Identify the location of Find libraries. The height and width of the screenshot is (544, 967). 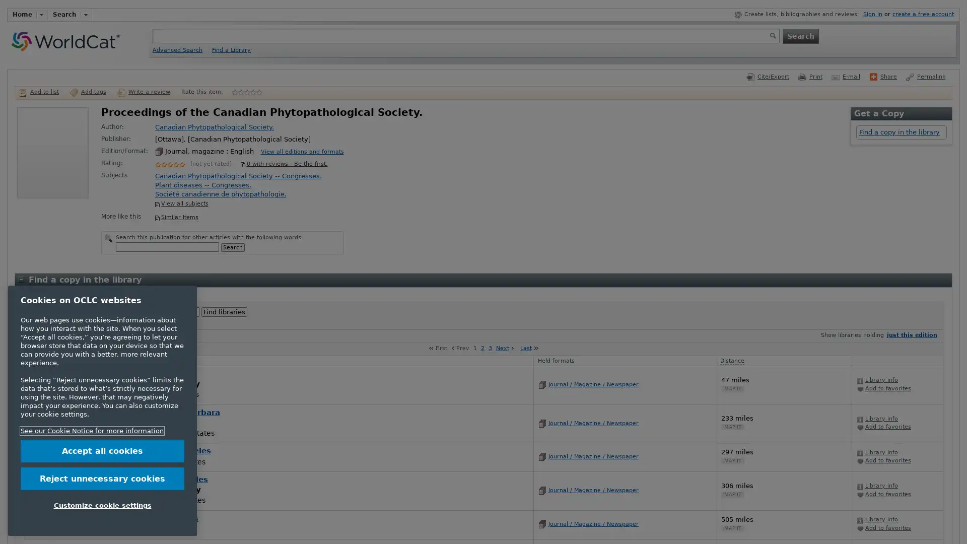
(224, 311).